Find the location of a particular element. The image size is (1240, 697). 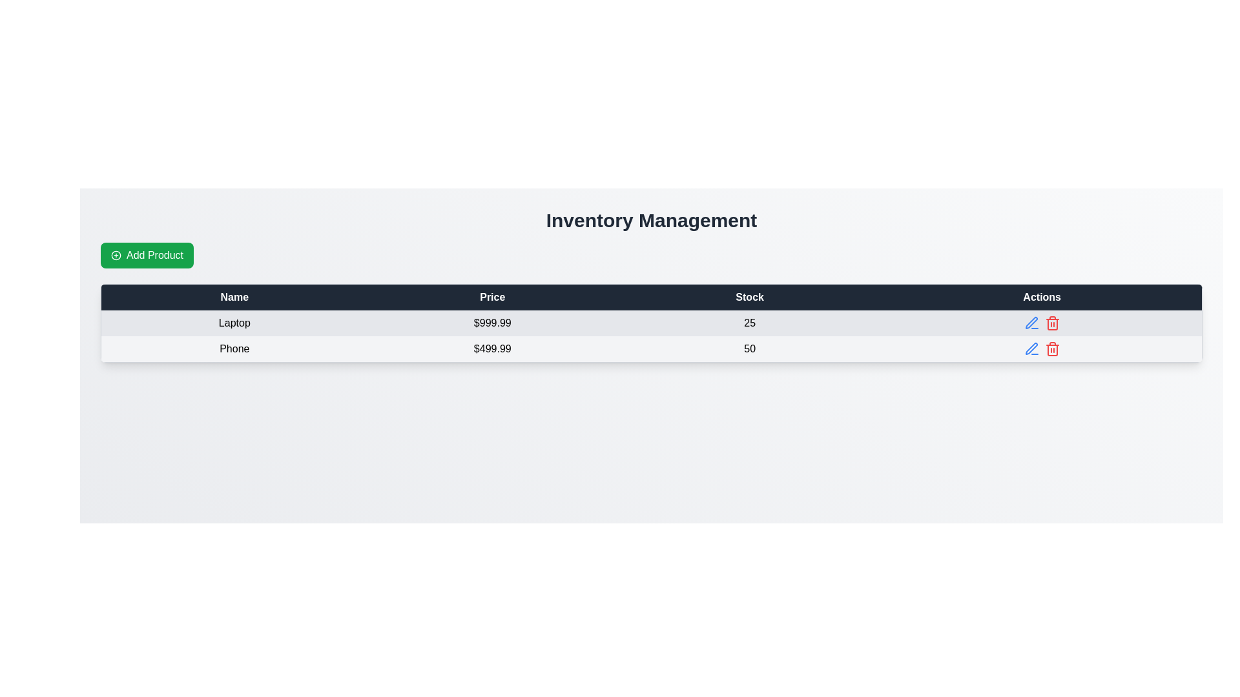

text of the product name label for 'Laptop' in the first cell of the inventory table under the 'Name' column is located at coordinates (234, 323).